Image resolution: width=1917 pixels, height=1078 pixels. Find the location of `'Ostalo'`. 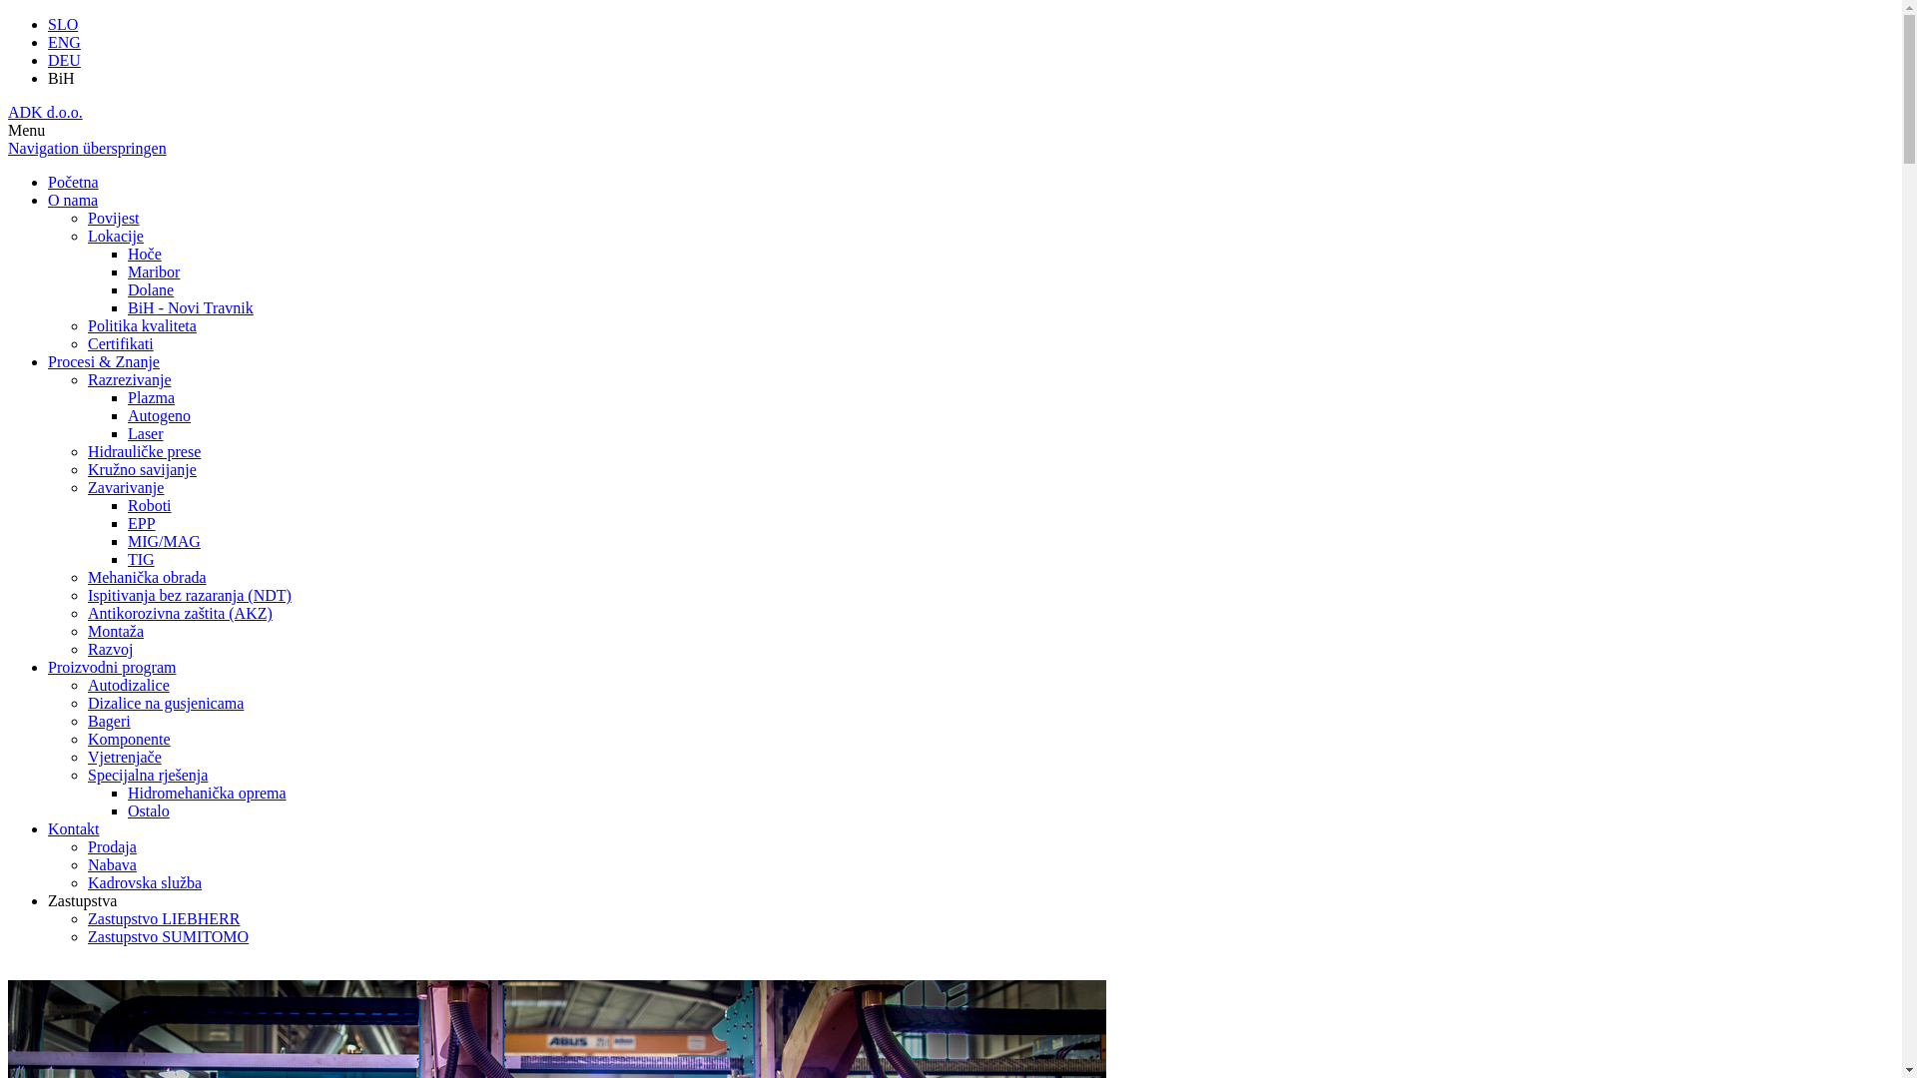

'Ostalo' is located at coordinates (147, 810).